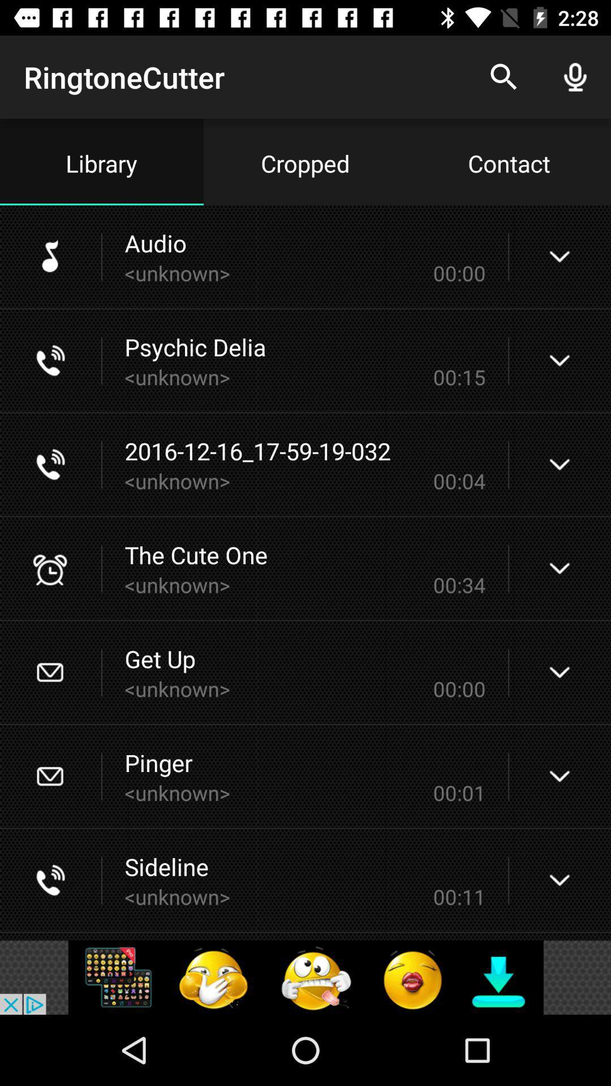 The width and height of the screenshot is (611, 1086). What do you see at coordinates (49, 880) in the screenshot?
I see `call icon which is to the left of sideline` at bounding box center [49, 880].